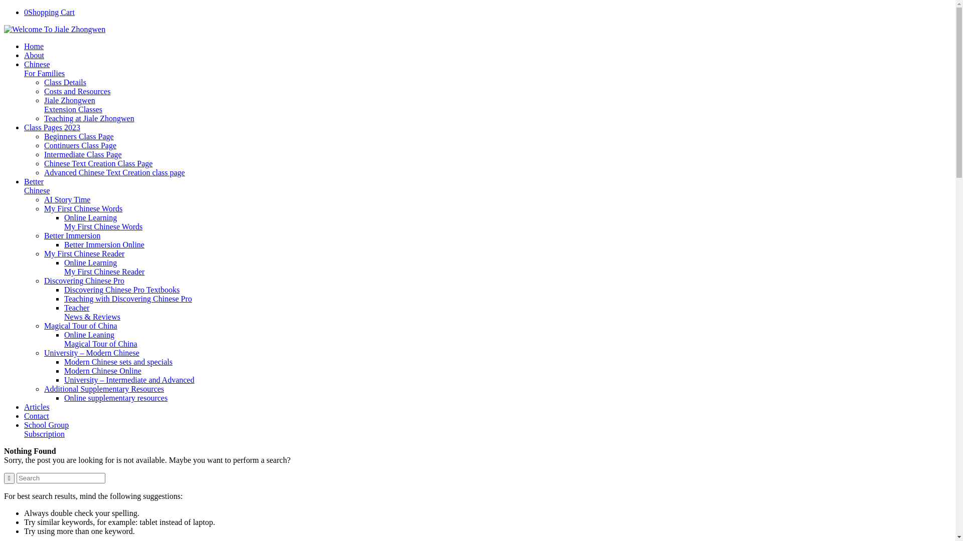 This screenshot has width=963, height=541. Describe the element at coordinates (127, 298) in the screenshot. I see `'Teaching with Discovering Chinese Pro'` at that location.